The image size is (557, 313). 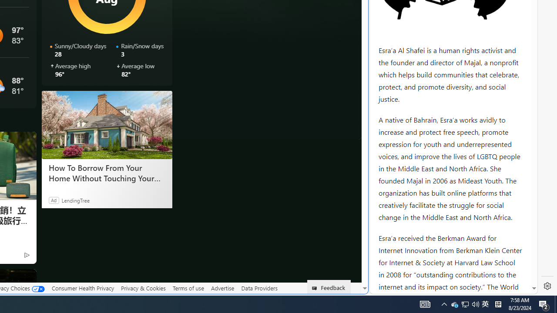 I want to click on 'Consumer Health Privacy', so click(x=83, y=288).